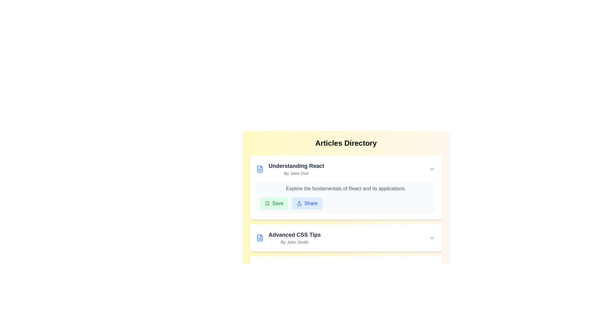 The width and height of the screenshot is (590, 332). I want to click on 'Save' button for the article 'Understanding React', so click(274, 204).